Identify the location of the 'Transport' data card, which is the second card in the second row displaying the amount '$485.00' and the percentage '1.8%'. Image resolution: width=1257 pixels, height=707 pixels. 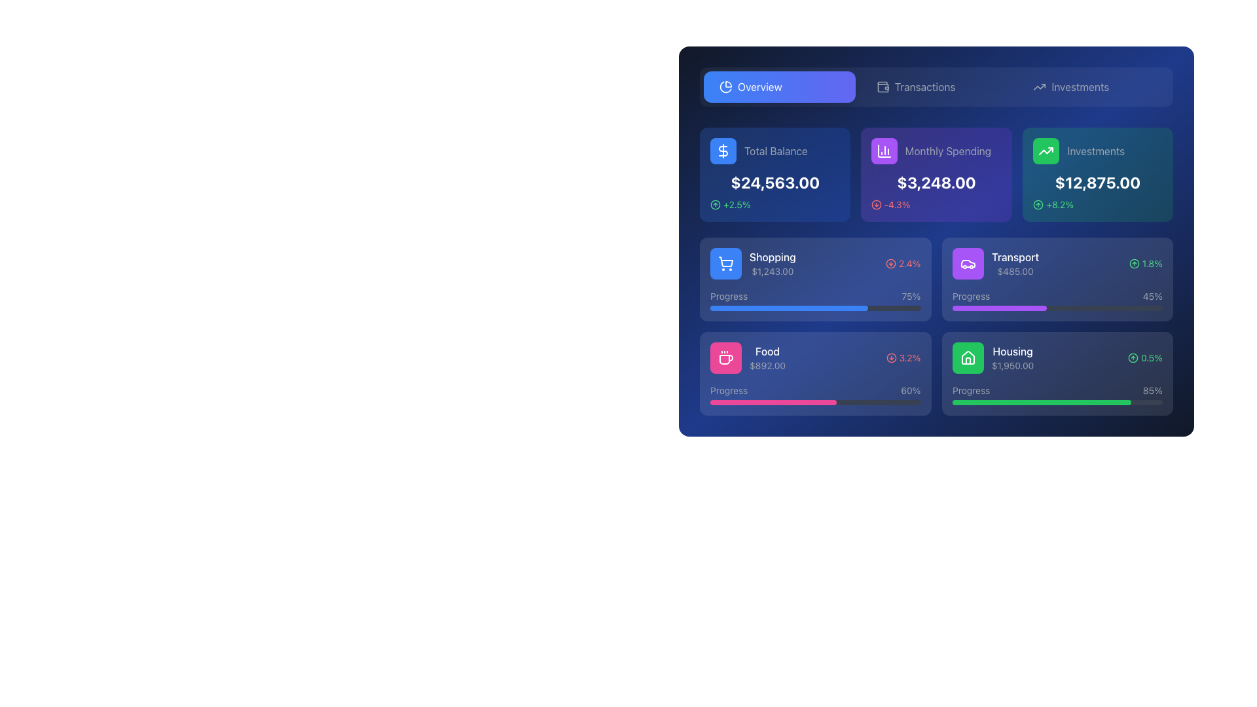
(1057, 263).